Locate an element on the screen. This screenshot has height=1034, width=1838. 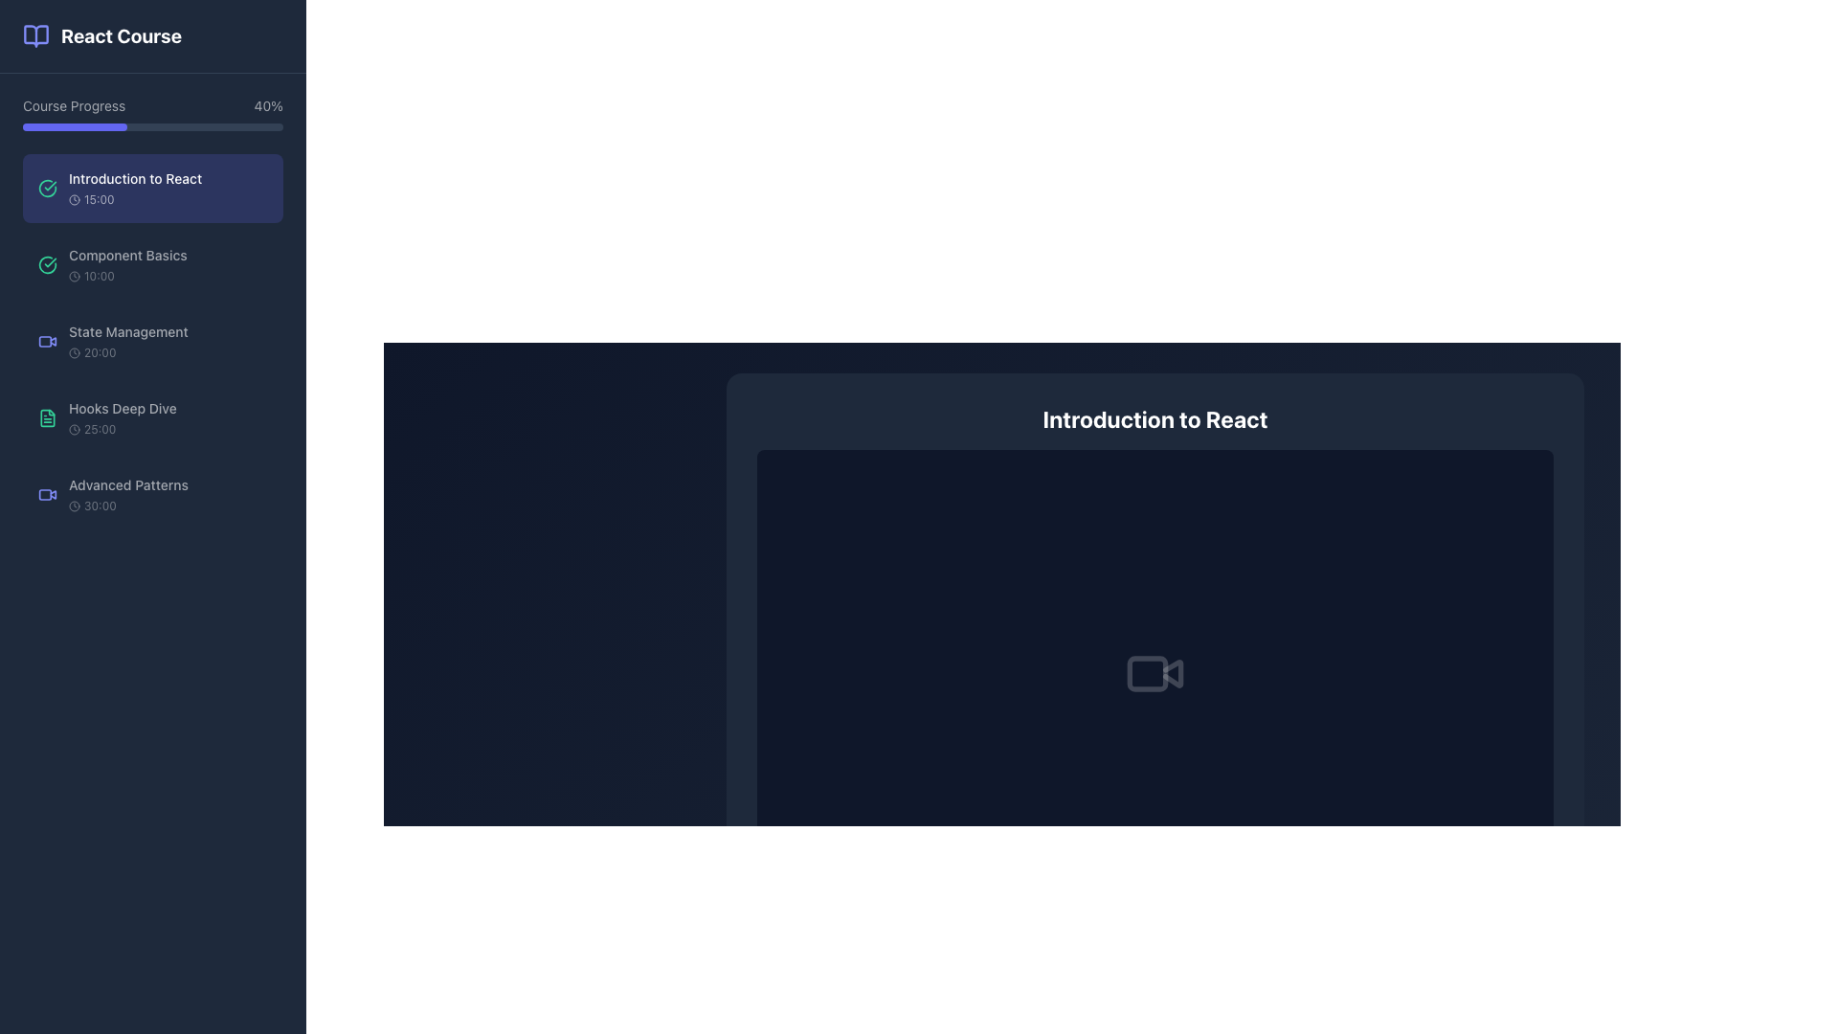
the icon resembling a stylized document with a folded corner, located in the fourth slot of a vertical list next to the text 'Hooks Deep Dive' is located at coordinates (47, 416).